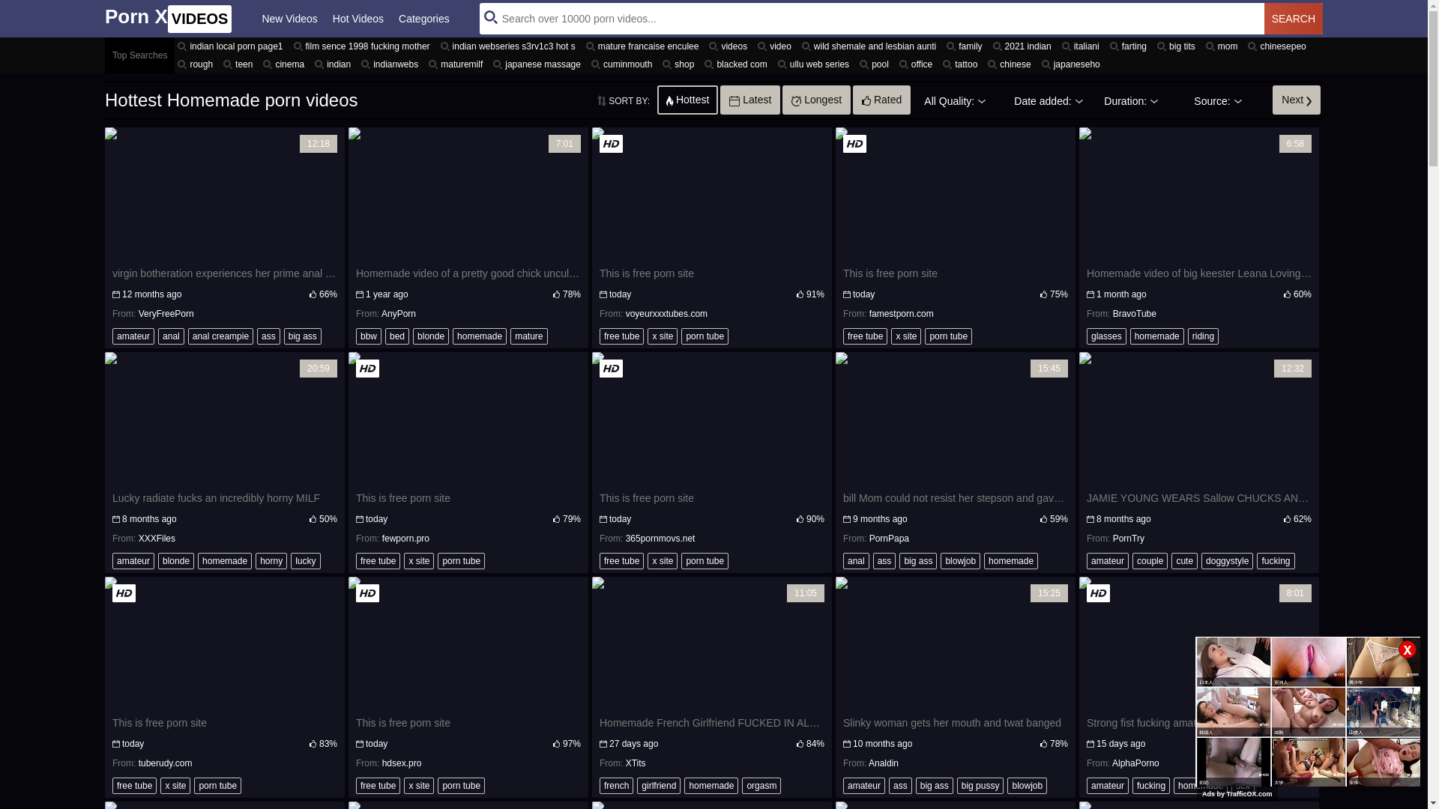 The width and height of the screenshot is (1439, 809). Describe the element at coordinates (423, 18) in the screenshot. I see `'Categories'` at that location.